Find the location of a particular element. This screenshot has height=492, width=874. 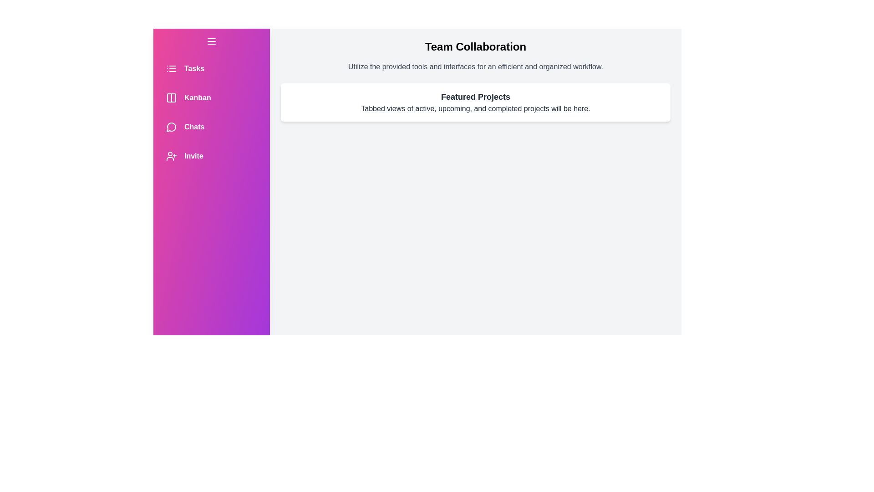

the navigation item Kanban from the drawer is located at coordinates (211, 98).